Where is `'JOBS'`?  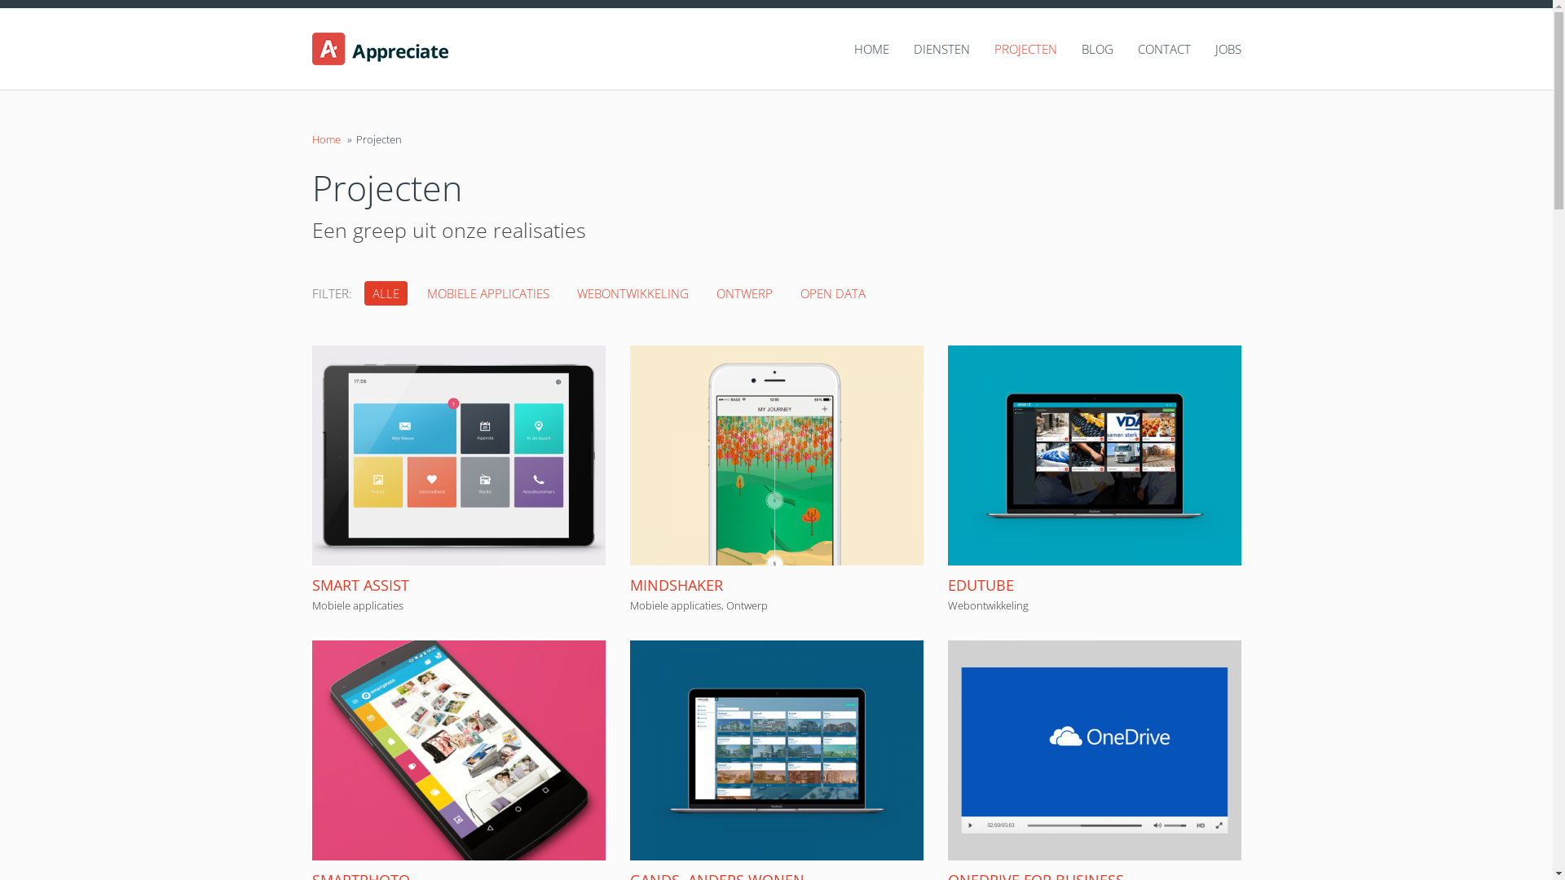
'JOBS' is located at coordinates (1189, 48).